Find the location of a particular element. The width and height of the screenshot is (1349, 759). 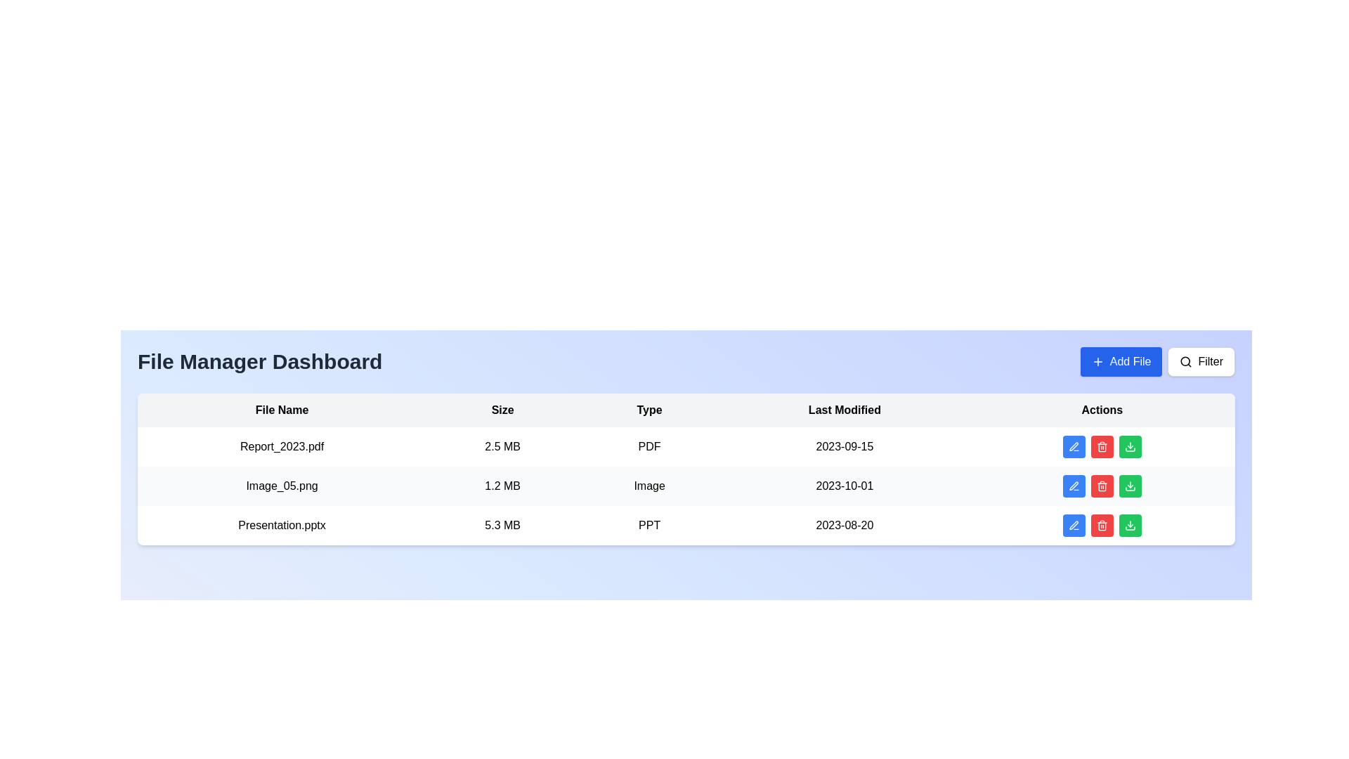

the delete icon button located in the 'Actions' column of the table corresponding to 'Image_05.png' to initiate deletion is located at coordinates (1101, 447).